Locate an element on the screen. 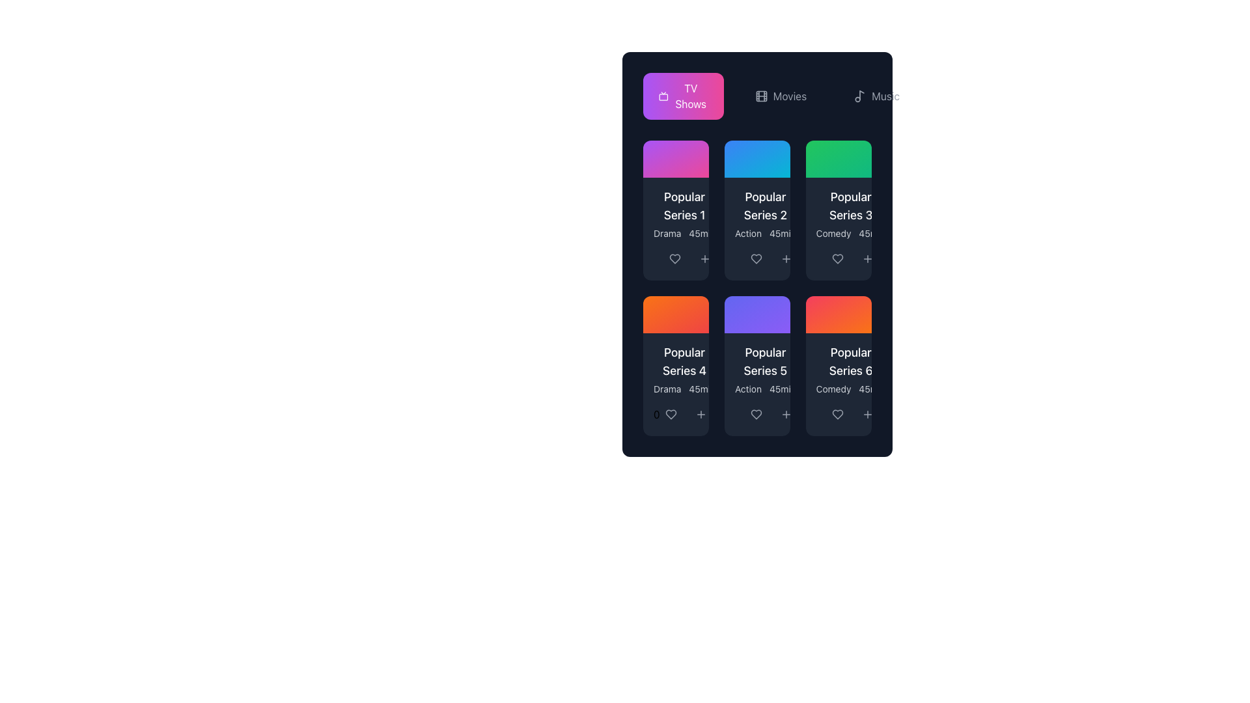 This screenshot has height=703, width=1250. the text label displaying 'Popular Series 6' in bold white font located in the bottom right card of the grid is located at coordinates (851, 361).